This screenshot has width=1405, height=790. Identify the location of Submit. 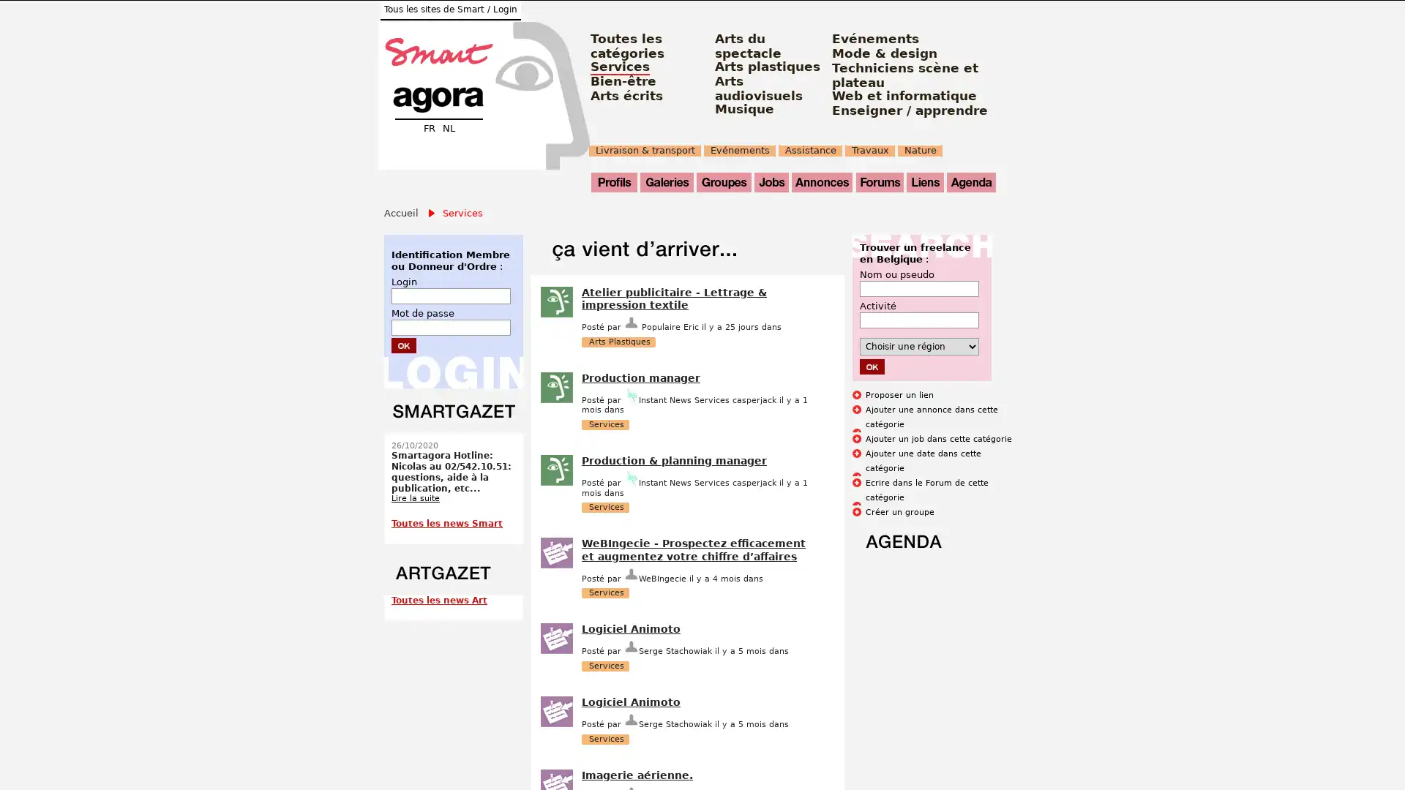
(872, 365).